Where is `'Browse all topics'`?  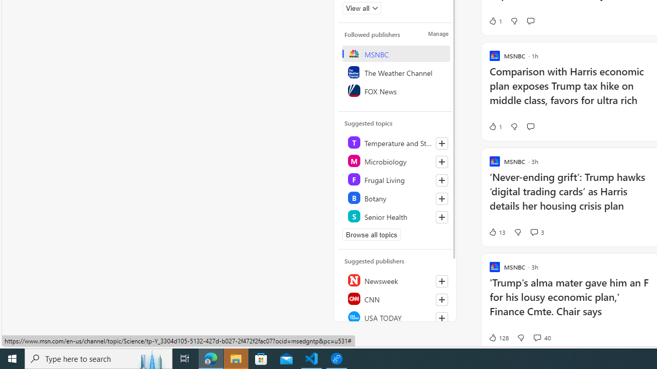 'Browse all topics' is located at coordinates (371, 234).